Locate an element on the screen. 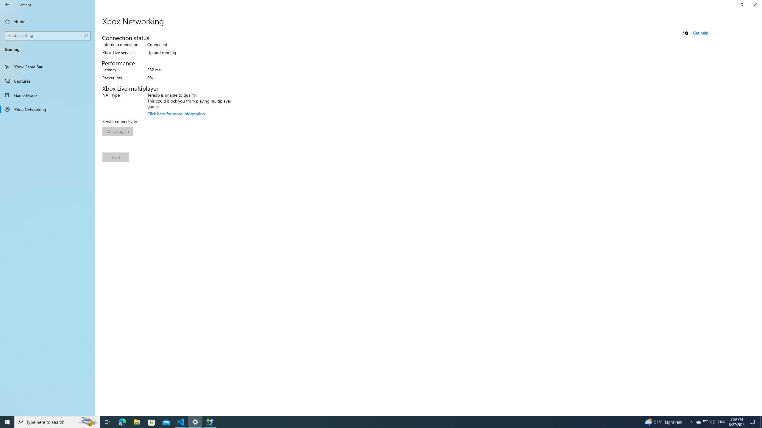  'Home' is located at coordinates (47, 21).